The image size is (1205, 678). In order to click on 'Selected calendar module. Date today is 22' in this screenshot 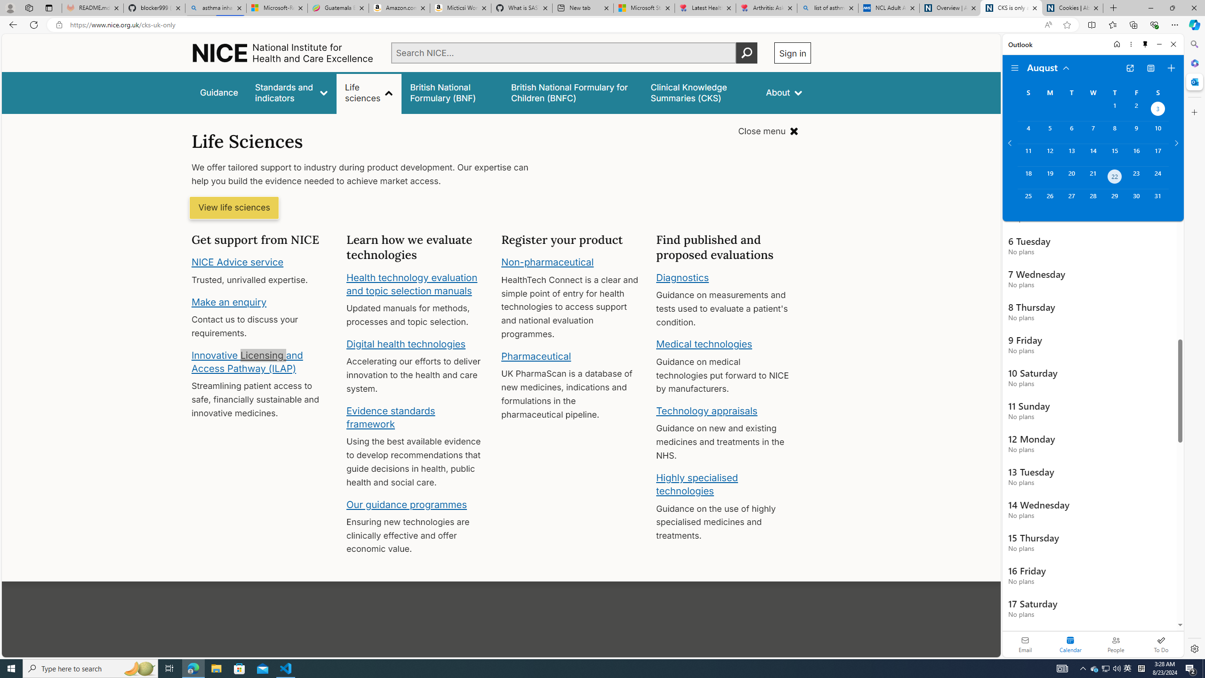, I will do `click(1070, 644)`.